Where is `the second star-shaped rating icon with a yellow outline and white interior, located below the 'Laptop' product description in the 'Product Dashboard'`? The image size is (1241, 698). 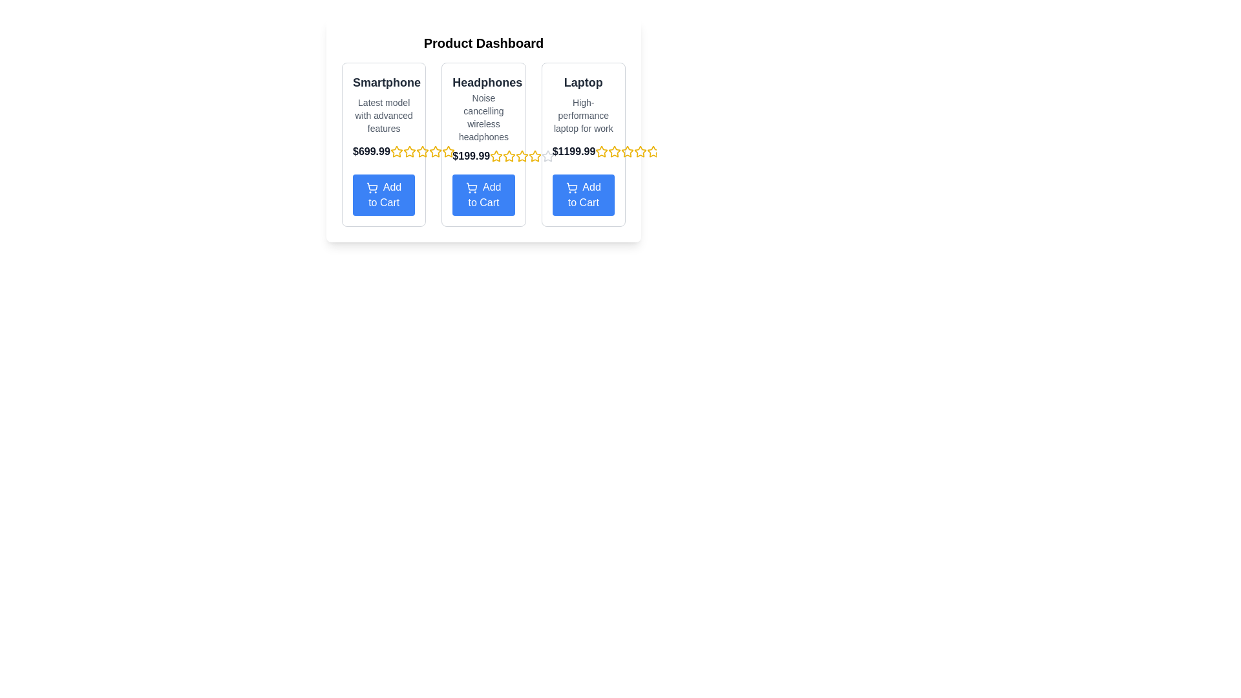
the second star-shaped rating icon with a yellow outline and white interior, located below the 'Laptop' product description in the 'Product Dashboard' is located at coordinates (614, 151).